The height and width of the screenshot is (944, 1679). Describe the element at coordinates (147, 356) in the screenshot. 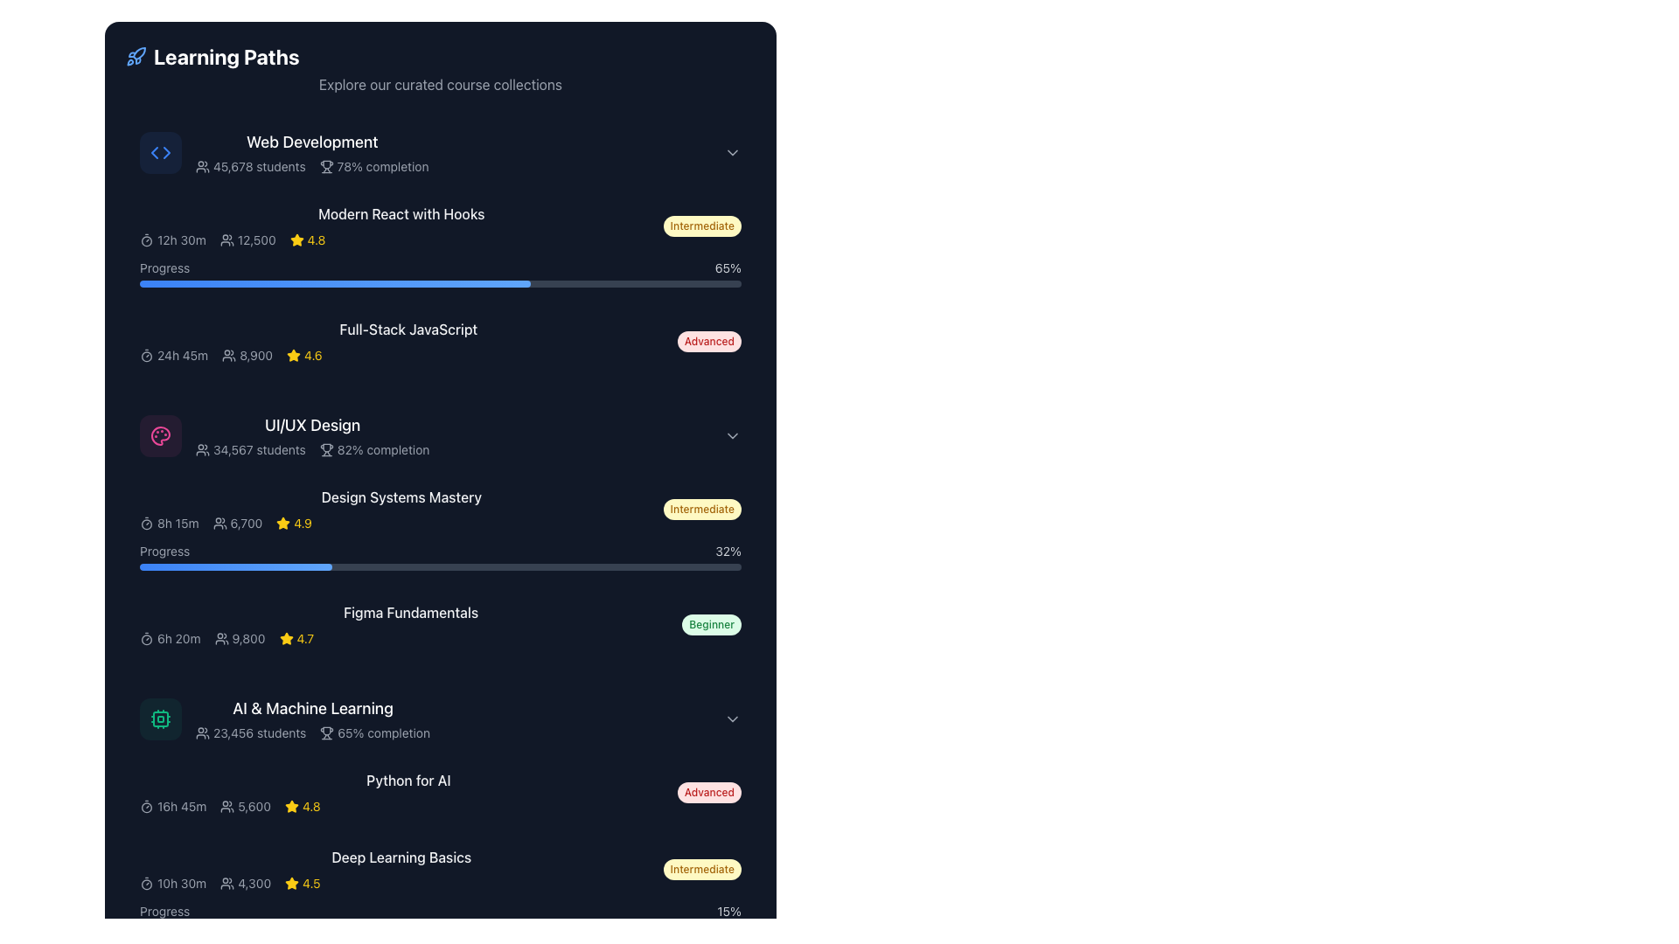

I see `circular SVG graphic element representing the timer icon adjacent to the text '24h 45m' in the 'Full-Stack JavaScript' section of the 'Learning Paths' interface` at that location.